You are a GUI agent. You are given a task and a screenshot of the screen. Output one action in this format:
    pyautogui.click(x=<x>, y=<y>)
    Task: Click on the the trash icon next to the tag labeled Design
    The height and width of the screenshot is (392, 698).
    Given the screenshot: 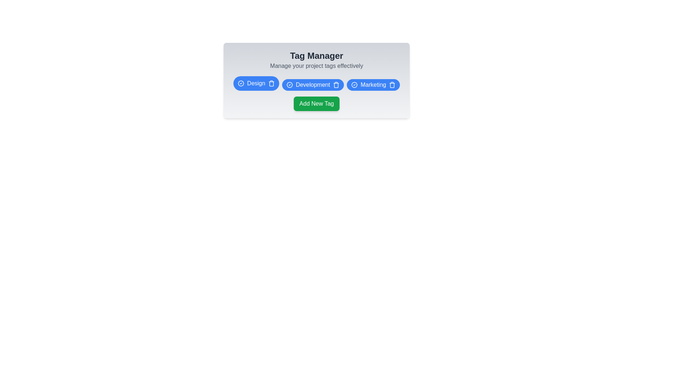 What is the action you would take?
    pyautogui.click(x=271, y=83)
    